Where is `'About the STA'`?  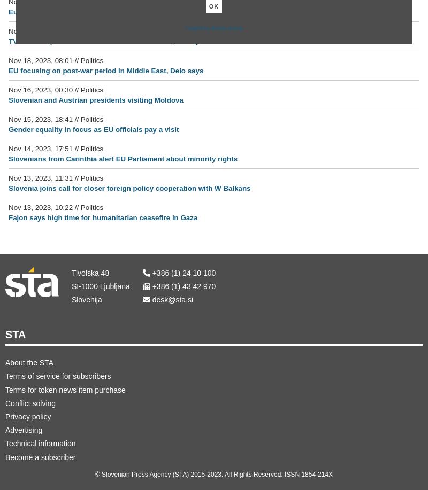 'About the STA' is located at coordinates (5, 363).